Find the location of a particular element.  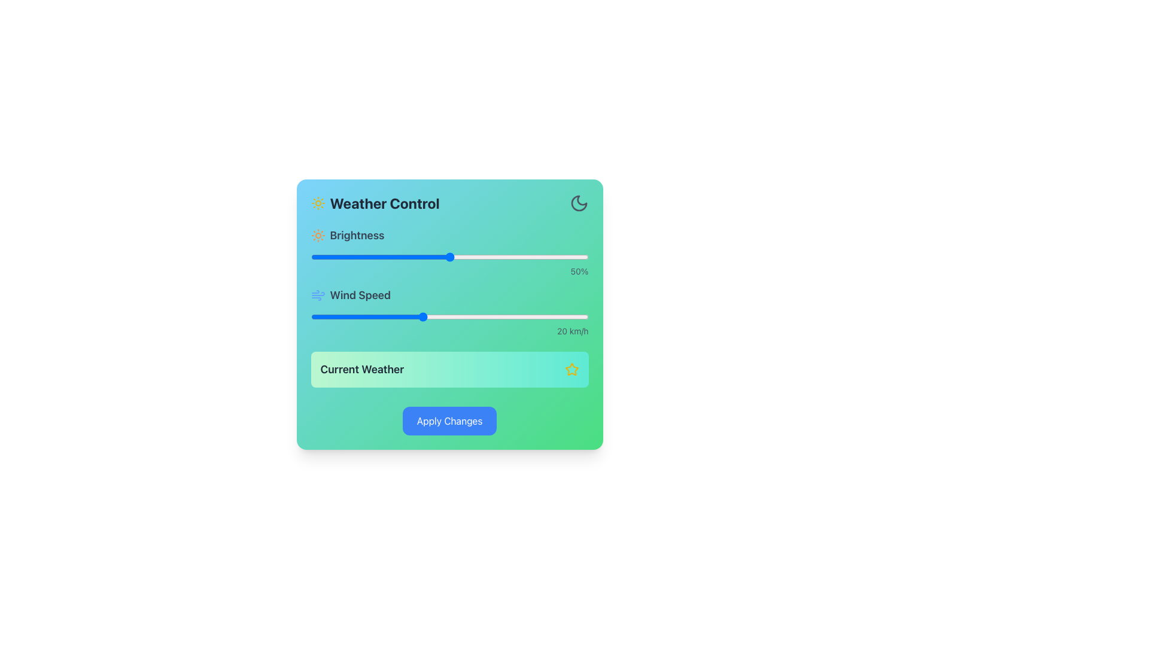

brightness is located at coordinates (376, 256).